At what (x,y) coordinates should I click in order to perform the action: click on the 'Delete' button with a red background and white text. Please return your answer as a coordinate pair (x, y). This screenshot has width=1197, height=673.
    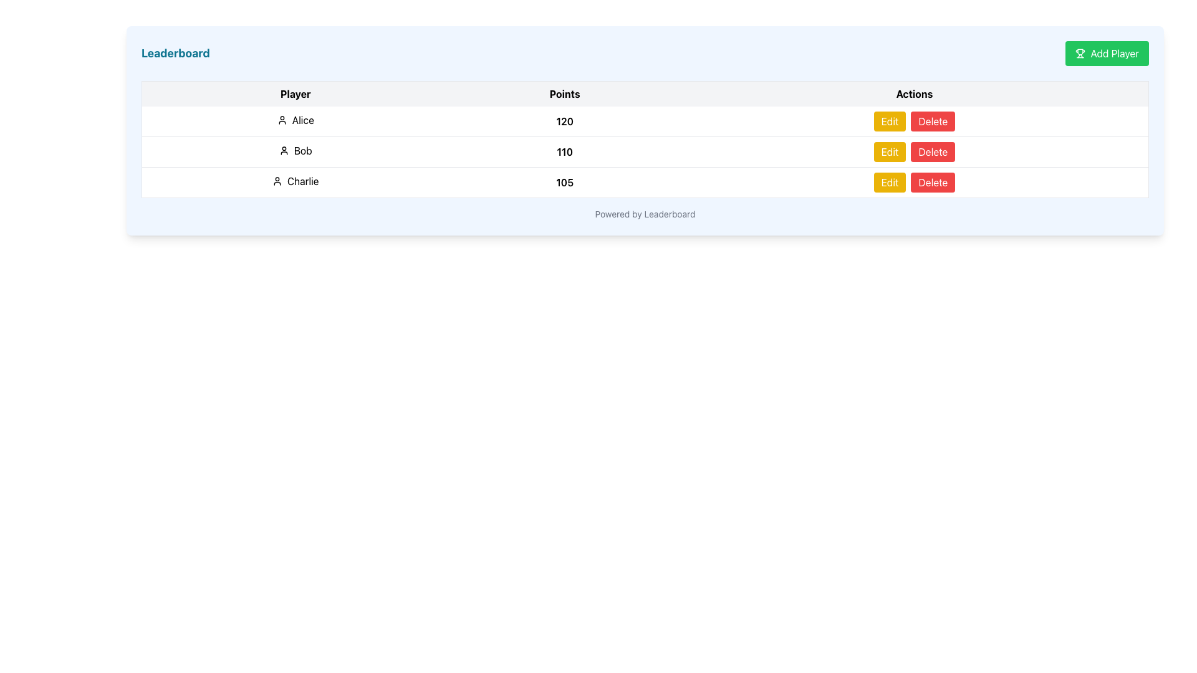
    Looking at the image, I should click on (933, 151).